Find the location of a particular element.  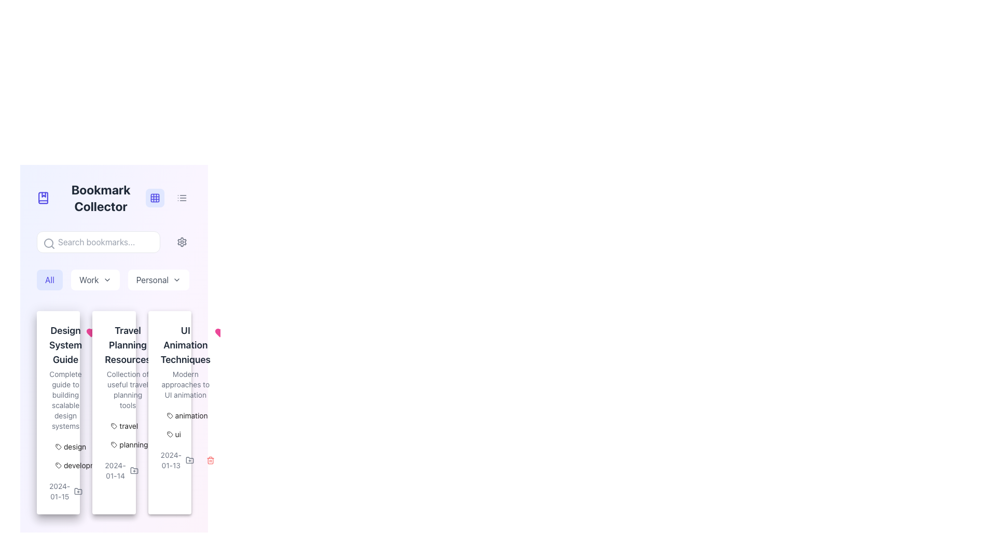

the static text displaying the date '2024-01-15' located at the bottom left corner of the card titled 'Design System Guide' is located at coordinates (59, 491).